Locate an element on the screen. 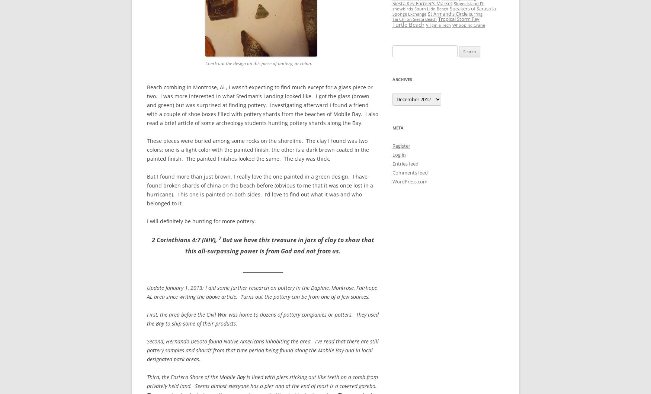 The image size is (651, 394). 'These pieces were buried among some rocks on the shoreline.  The clay I found was two colors: one is a light color with the painted finish, the other is a dark brown coated in the painted finish.  The painted finishes looked the same.  The clay was thick.' is located at coordinates (258, 149).